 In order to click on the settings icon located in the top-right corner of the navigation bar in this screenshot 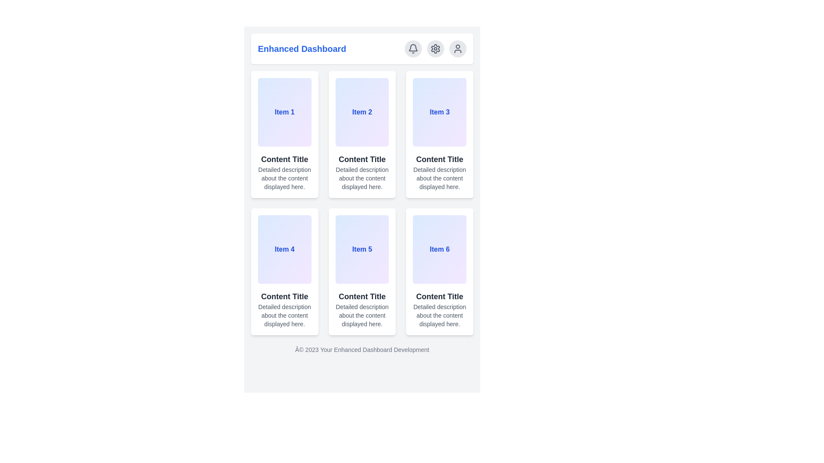, I will do `click(435, 49)`.